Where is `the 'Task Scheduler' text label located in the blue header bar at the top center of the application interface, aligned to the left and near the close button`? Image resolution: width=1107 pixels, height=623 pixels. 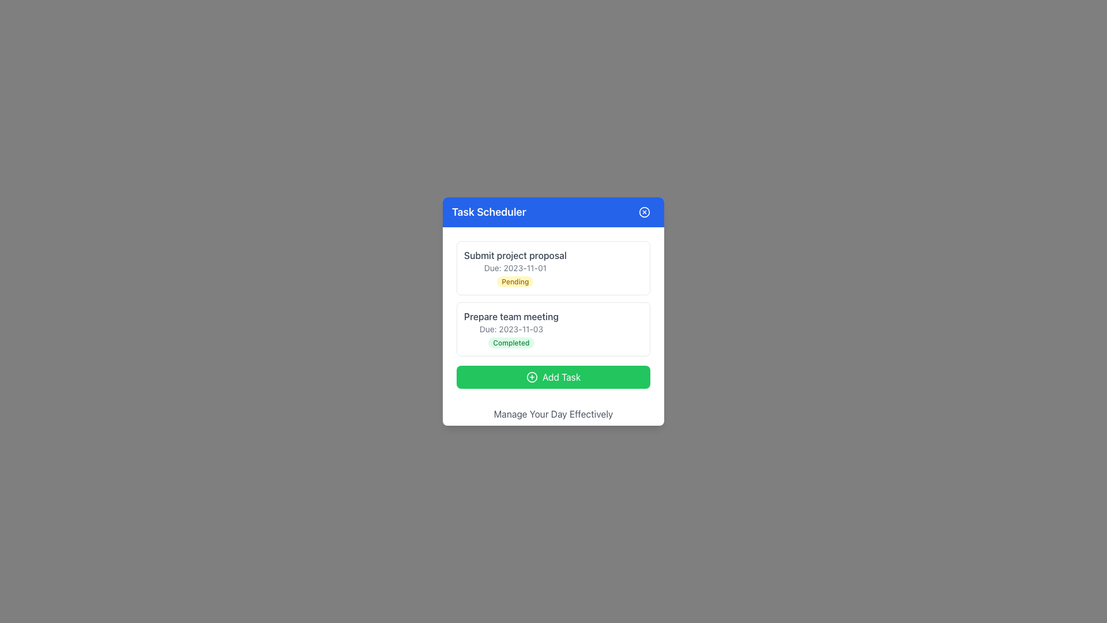 the 'Task Scheduler' text label located in the blue header bar at the top center of the application interface, aligned to the left and near the close button is located at coordinates (489, 212).